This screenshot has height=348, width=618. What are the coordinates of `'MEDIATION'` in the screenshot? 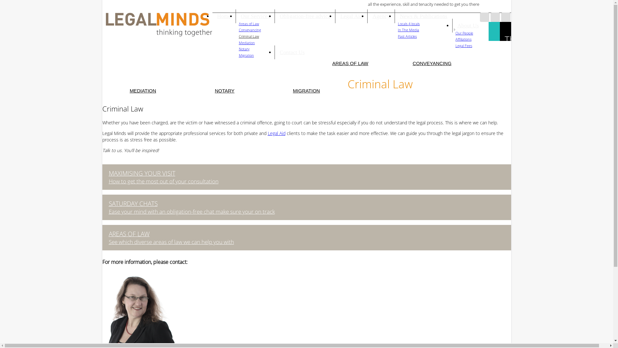 It's located at (143, 90).